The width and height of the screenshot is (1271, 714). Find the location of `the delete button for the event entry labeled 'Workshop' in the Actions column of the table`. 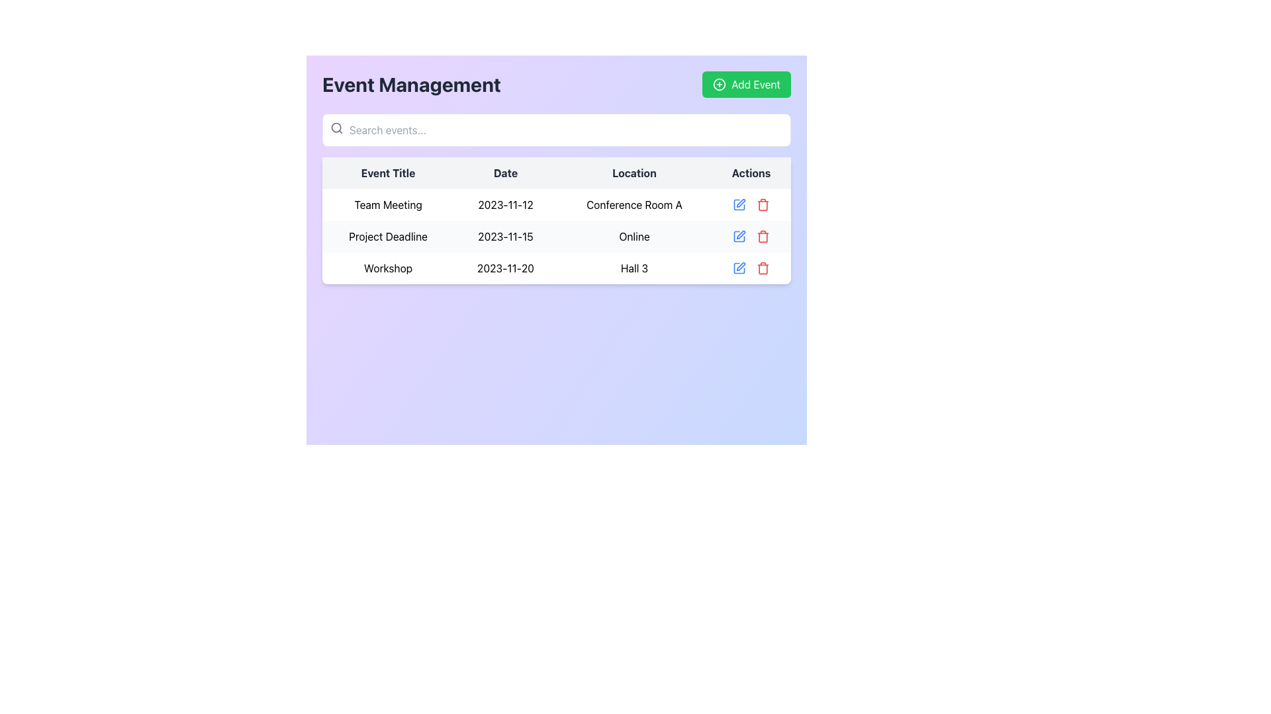

the delete button for the event entry labeled 'Workshop' in the Actions column of the table is located at coordinates (763, 204).